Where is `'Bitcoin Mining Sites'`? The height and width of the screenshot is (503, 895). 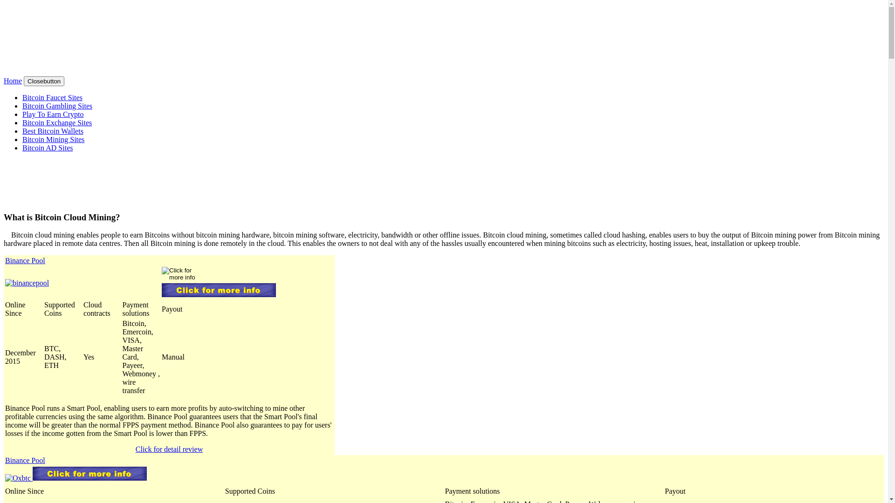
'Bitcoin Mining Sites' is located at coordinates (53, 139).